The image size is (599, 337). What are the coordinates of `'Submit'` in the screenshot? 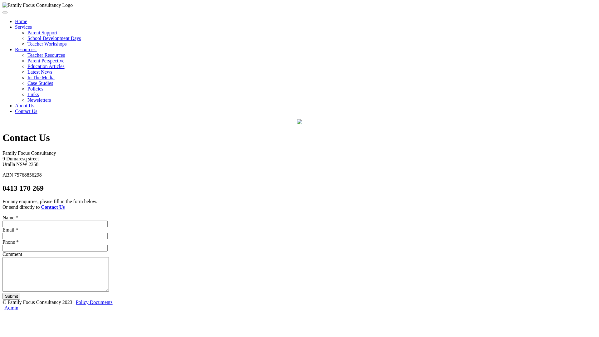 It's located at (11, 296).